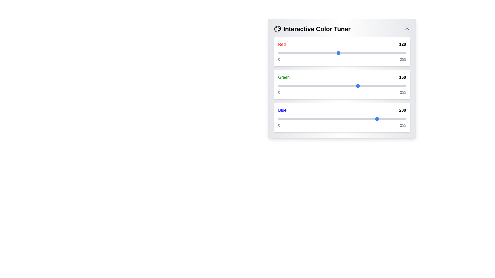  What do you see at coordinates (359, 53) in the screenshot?
I see `the red color intensity` at bounding box center [359, 53].